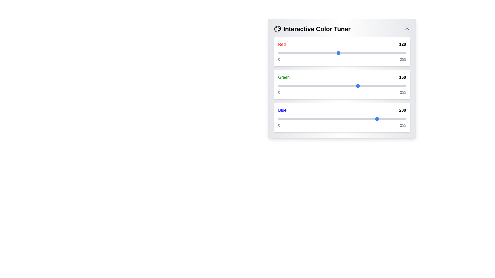  What do you see at coordinates (359, 53) in the screenshot?
I see `the red color intensity` at bounding box center [359, 53].